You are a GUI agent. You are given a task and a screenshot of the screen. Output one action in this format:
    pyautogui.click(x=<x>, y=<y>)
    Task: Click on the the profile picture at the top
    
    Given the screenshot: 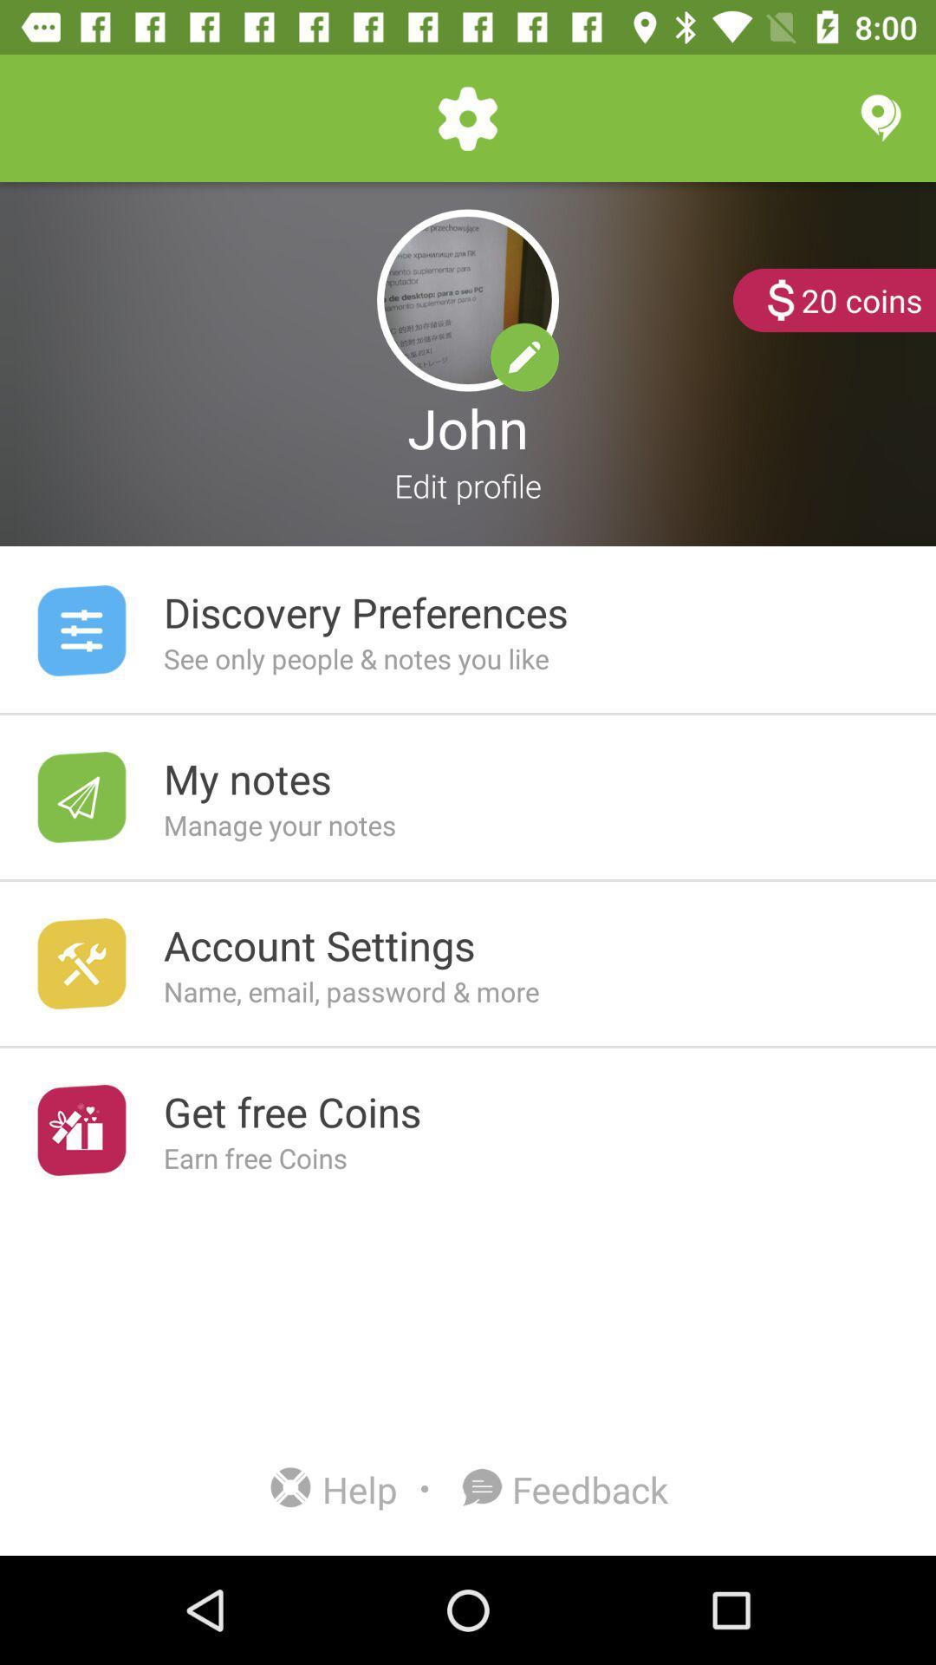 What is the action you would take?
    pyautogui.click(x=468, y=300)
    